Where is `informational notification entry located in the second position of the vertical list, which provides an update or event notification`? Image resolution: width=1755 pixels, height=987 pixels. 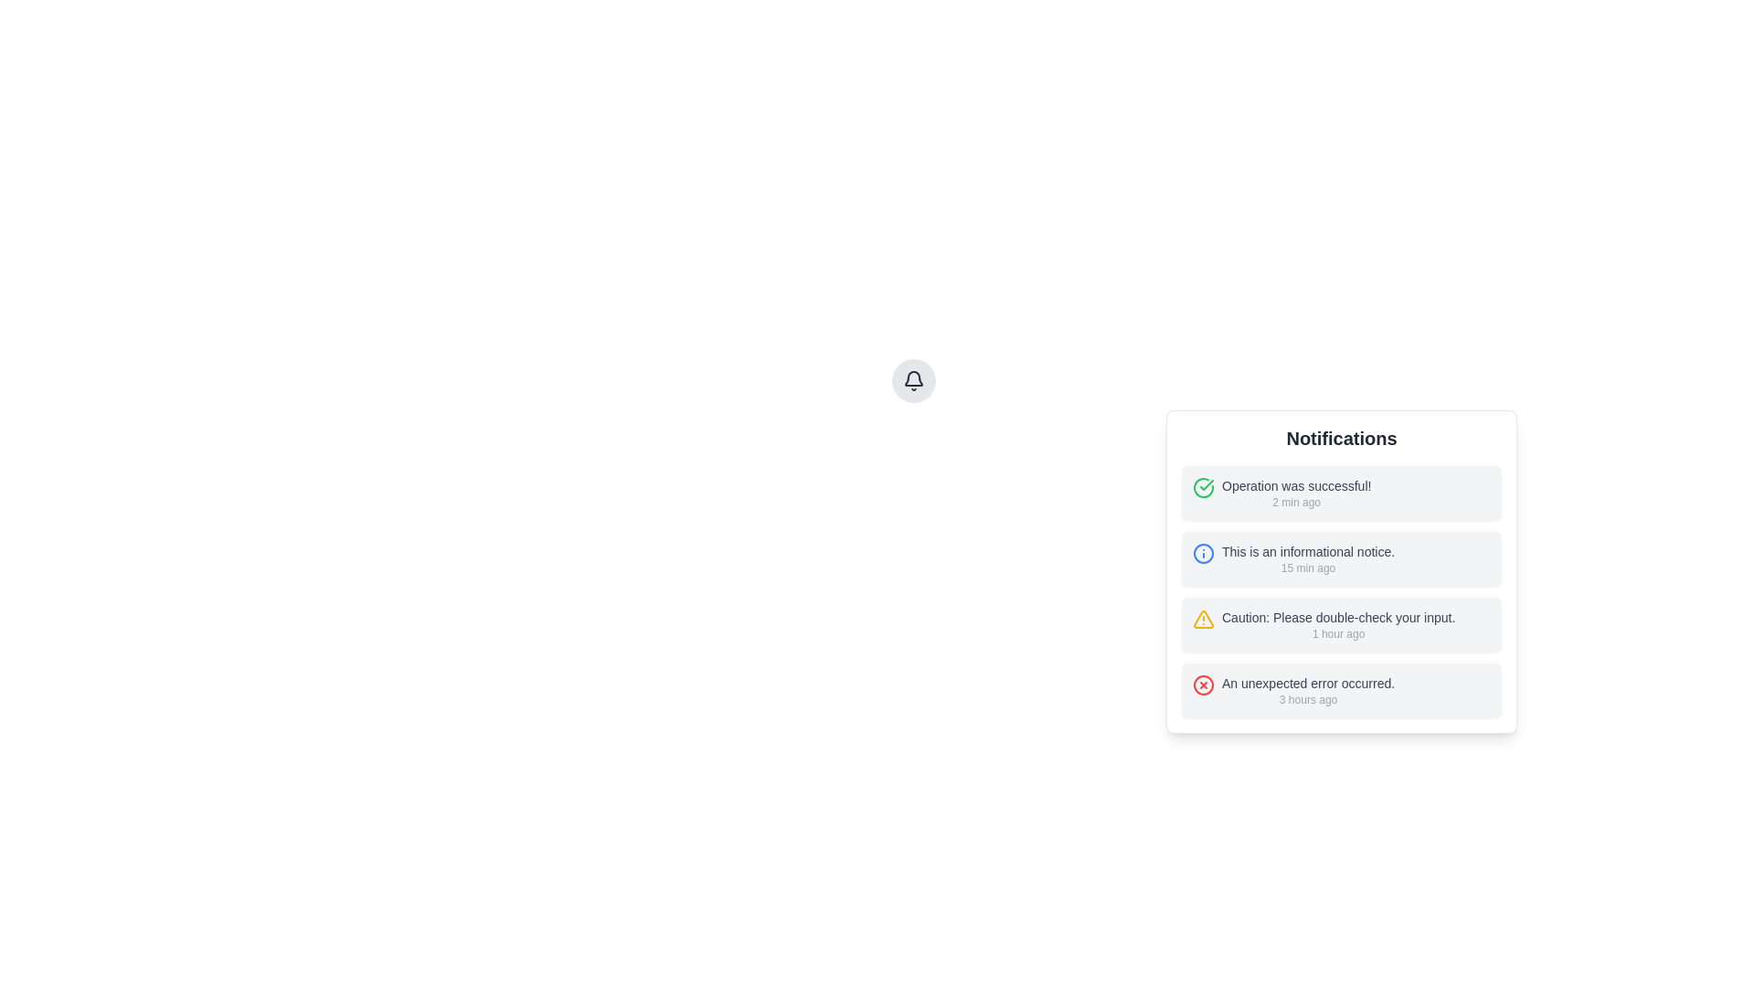 informational notification entry located in the second position of the vertical list, which provides an update or event notification is located at coordinates (1342, 558).